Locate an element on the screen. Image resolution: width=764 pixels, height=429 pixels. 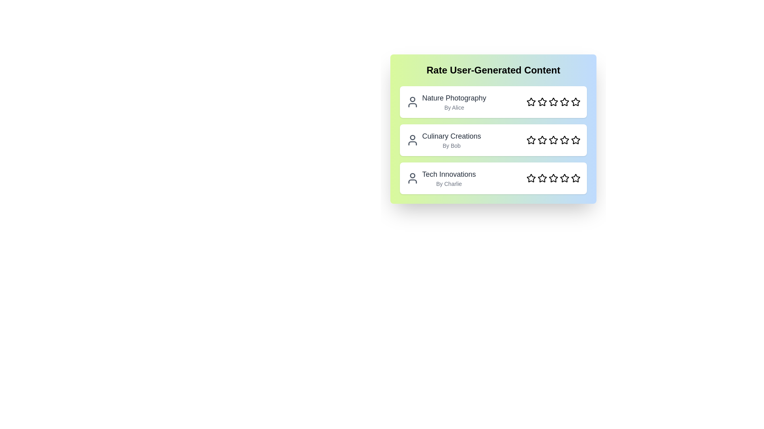
the user icon to open additional actions for the user is located at coordinates (412, 102).